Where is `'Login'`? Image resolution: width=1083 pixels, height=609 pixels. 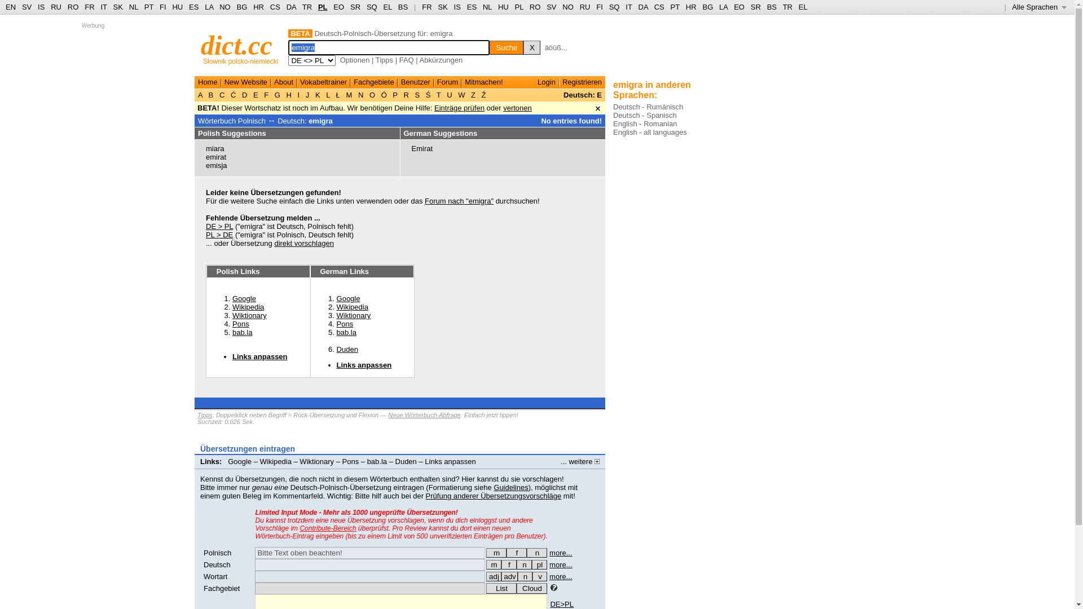 'Login' is located at coordinates (547, 81).